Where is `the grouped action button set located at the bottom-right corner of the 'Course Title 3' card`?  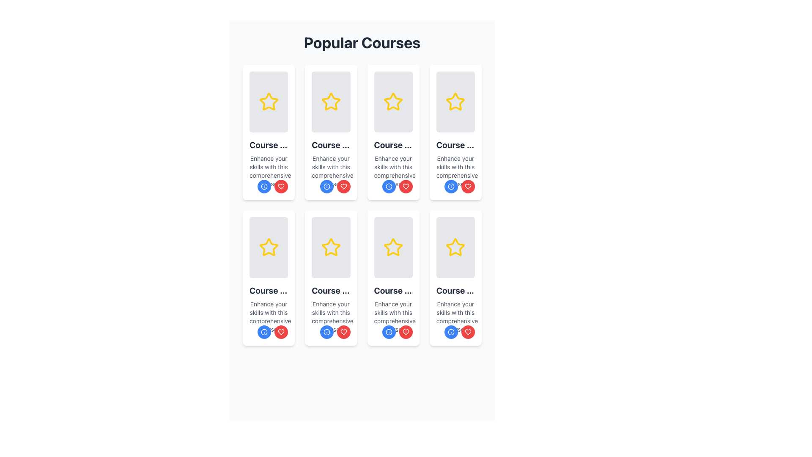
the grouped action button set located at the bottom-right corner of the 'Course Title 3' card is located at coordinates (397, 186).